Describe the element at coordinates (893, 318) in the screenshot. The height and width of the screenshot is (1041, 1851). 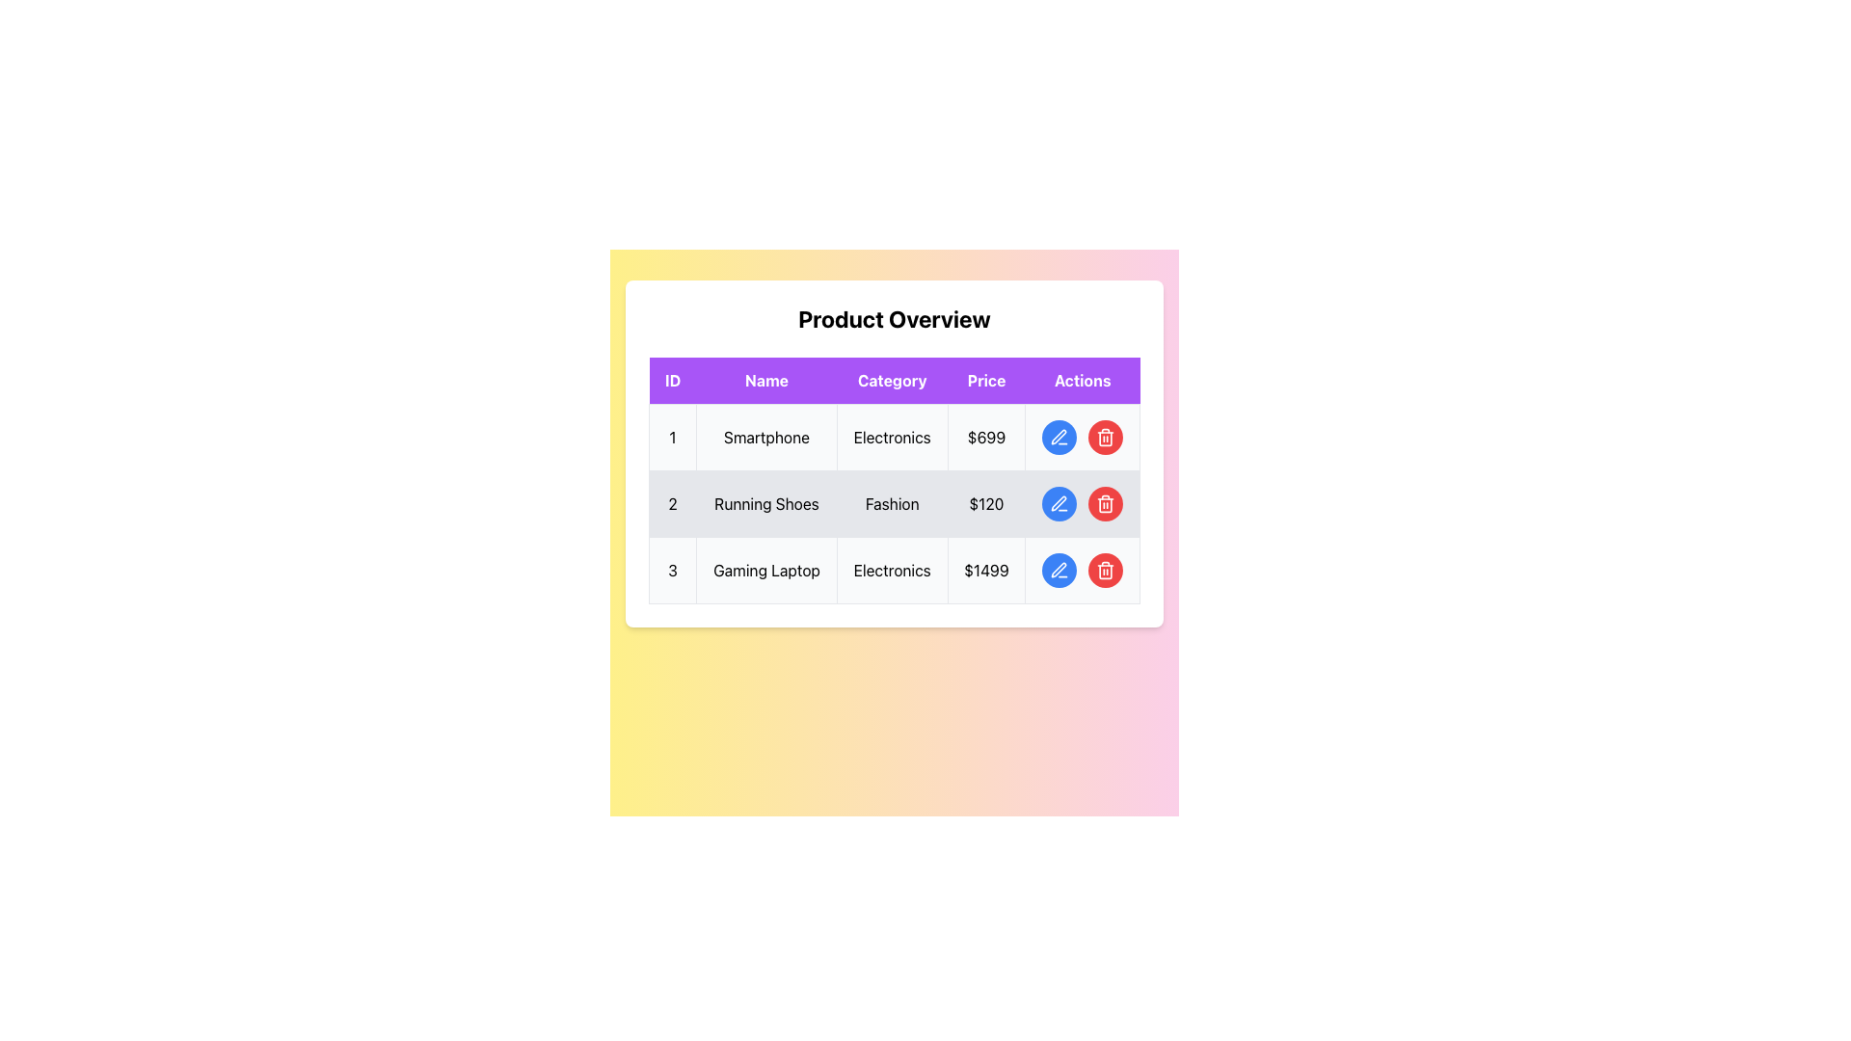
I see `the text header 'Product Overview' which is styled with bold and enlarged font, centered horizontally above the table` at that location.